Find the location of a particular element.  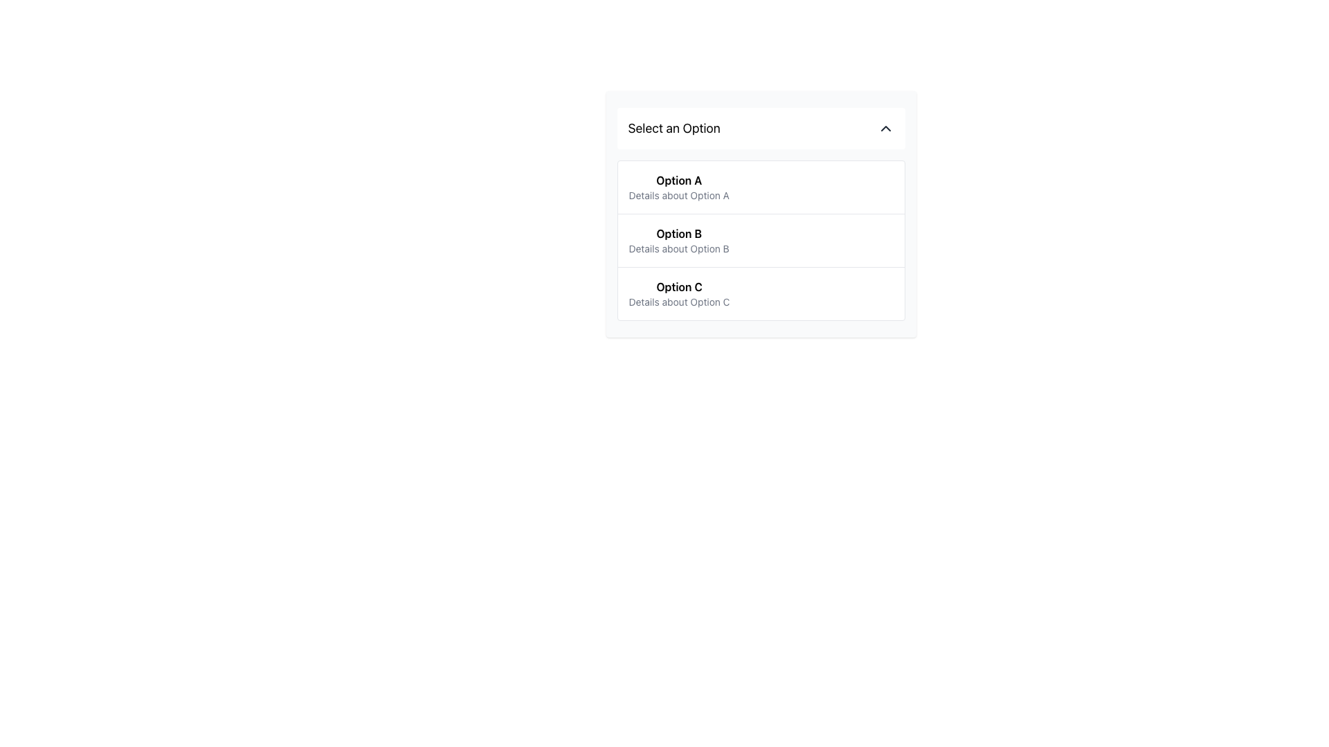

the descriptive text element that provides additional details about 'Option A', located just below its sibling 'Option A' in the dropdown menu is located at coordinates (679, 195).